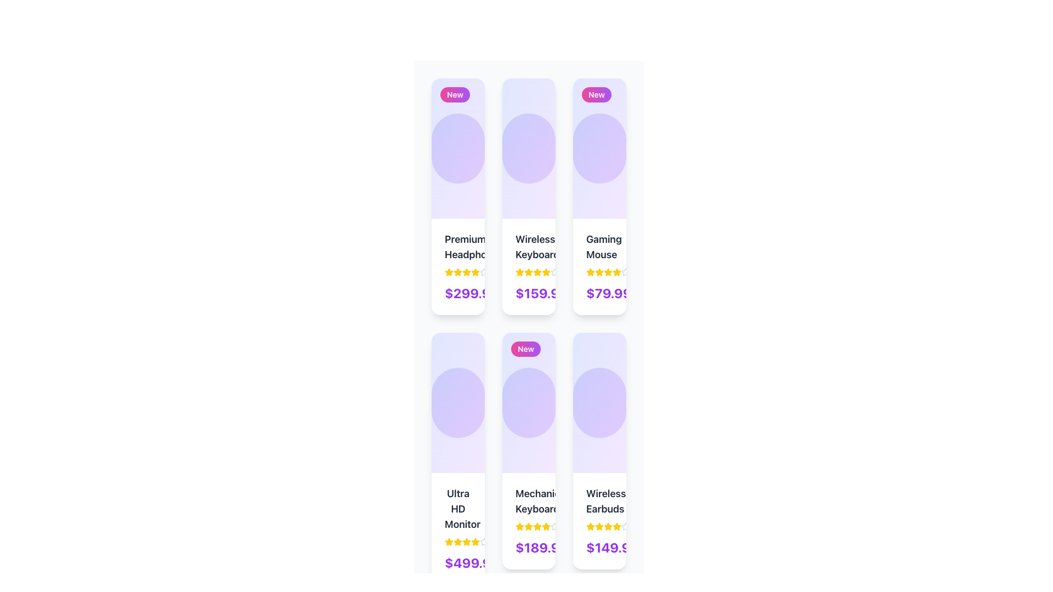 This screenshot has width=1053, height=592. Describe the element at coordinates (616, 271) in the screenshot. I see `the third star icon` at that location.